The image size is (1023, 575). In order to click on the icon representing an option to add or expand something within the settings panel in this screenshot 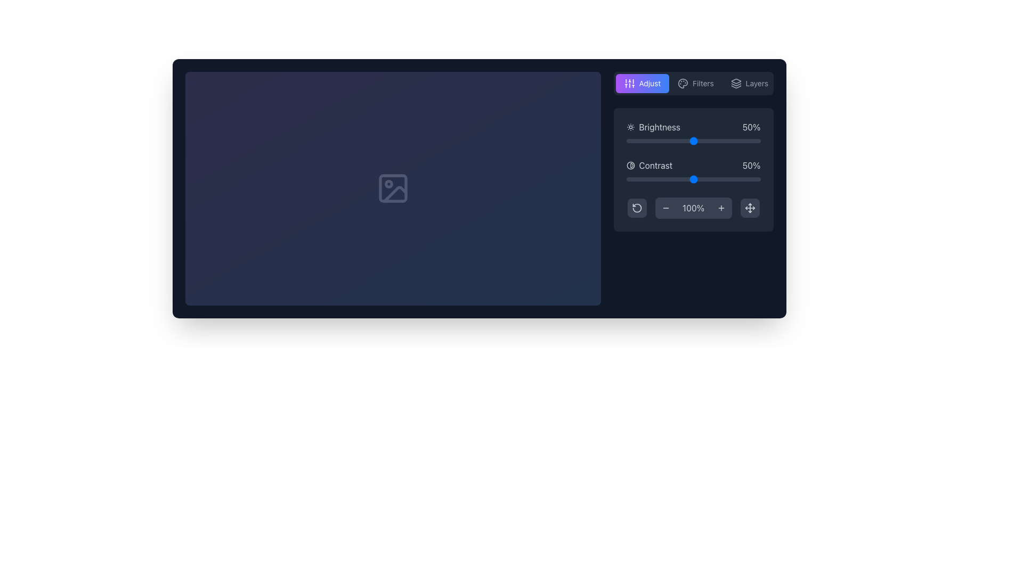, I will do `click(721, 208)`.